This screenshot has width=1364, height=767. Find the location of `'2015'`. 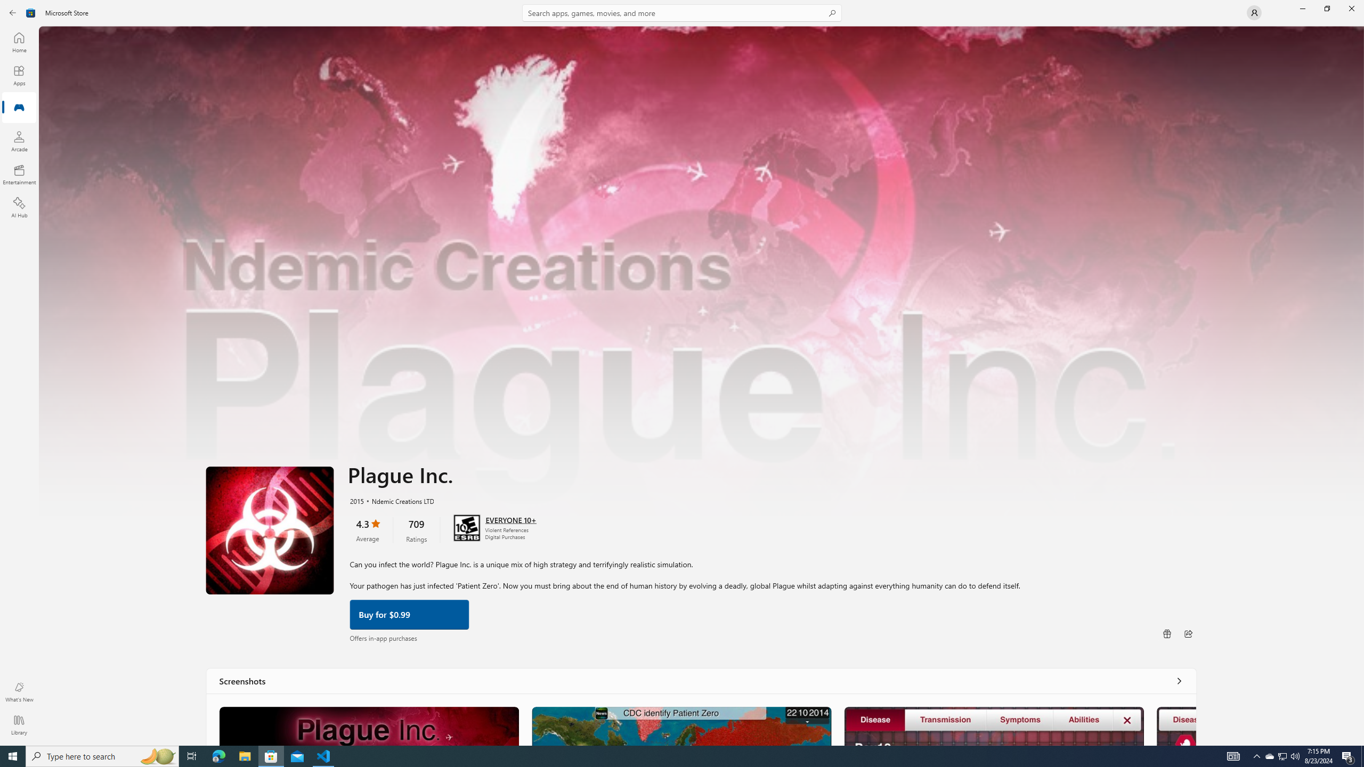

'2015' is located at coordinates (356, 500).